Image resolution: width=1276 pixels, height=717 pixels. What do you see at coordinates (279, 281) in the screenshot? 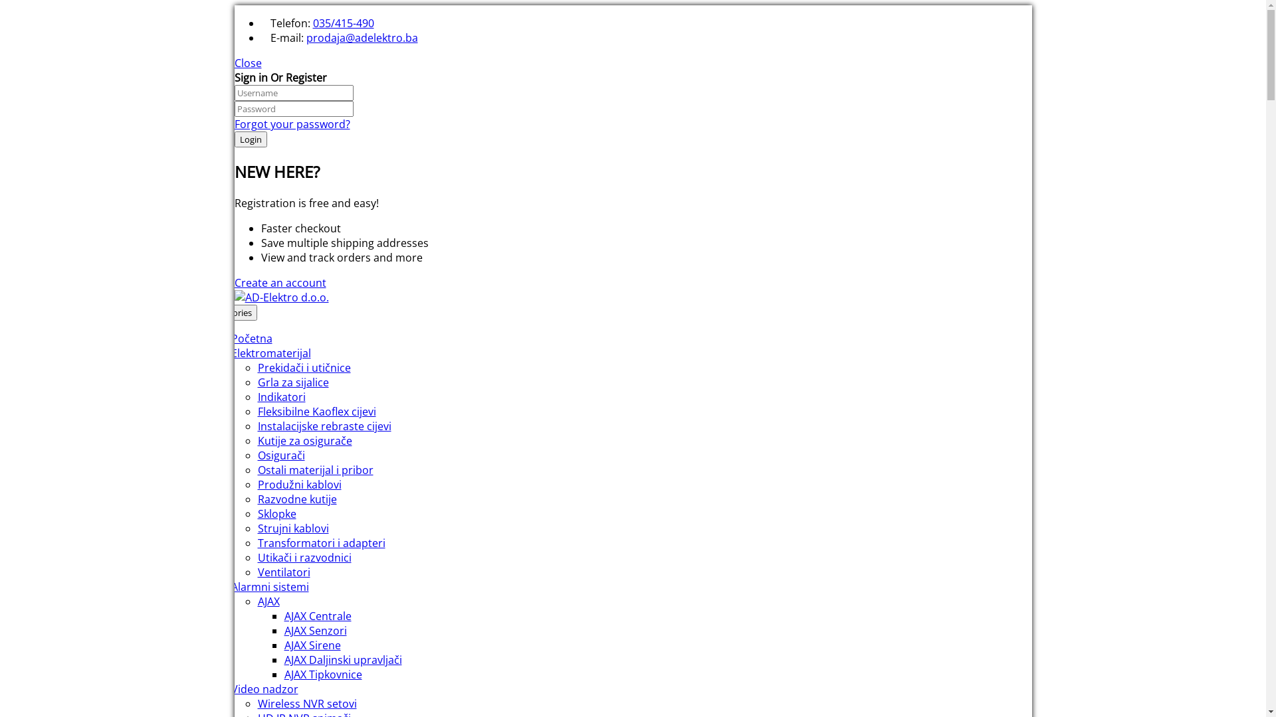
I see `'Create an account'` at bounding box center [279, 281].